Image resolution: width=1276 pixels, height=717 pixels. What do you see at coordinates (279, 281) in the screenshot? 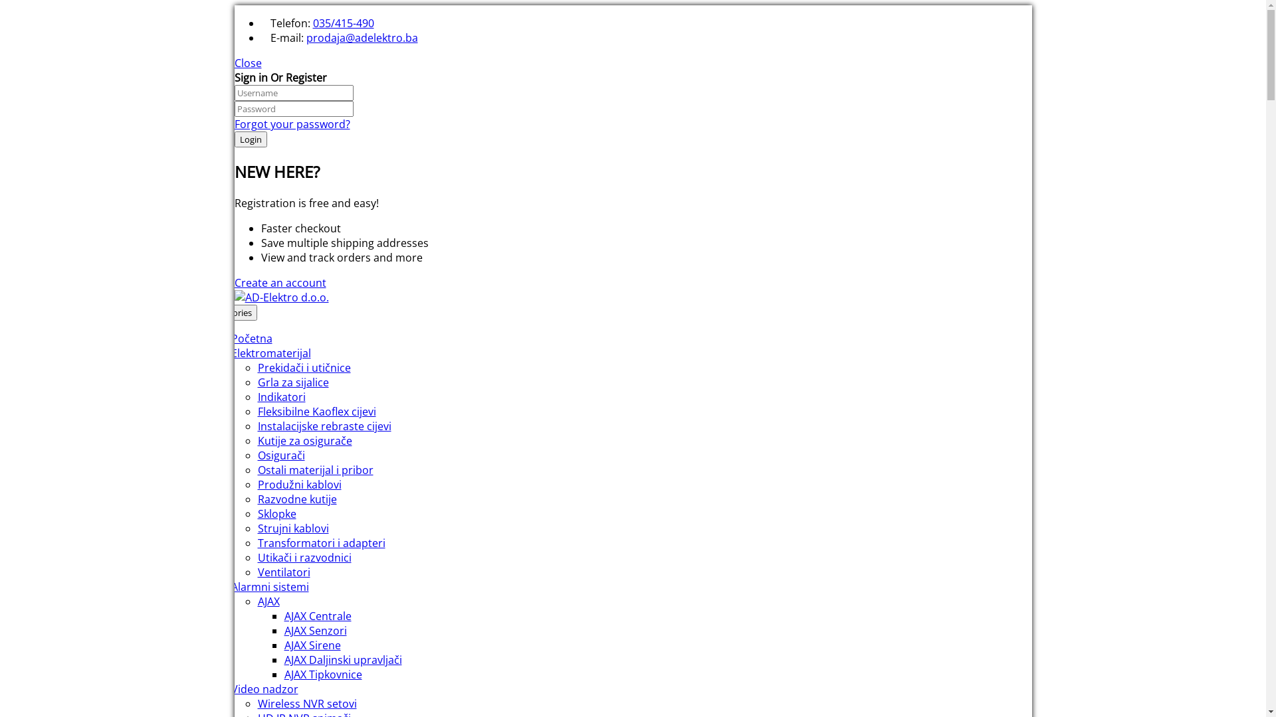
I see `'Create an account'` at bounding box center [279, 281].